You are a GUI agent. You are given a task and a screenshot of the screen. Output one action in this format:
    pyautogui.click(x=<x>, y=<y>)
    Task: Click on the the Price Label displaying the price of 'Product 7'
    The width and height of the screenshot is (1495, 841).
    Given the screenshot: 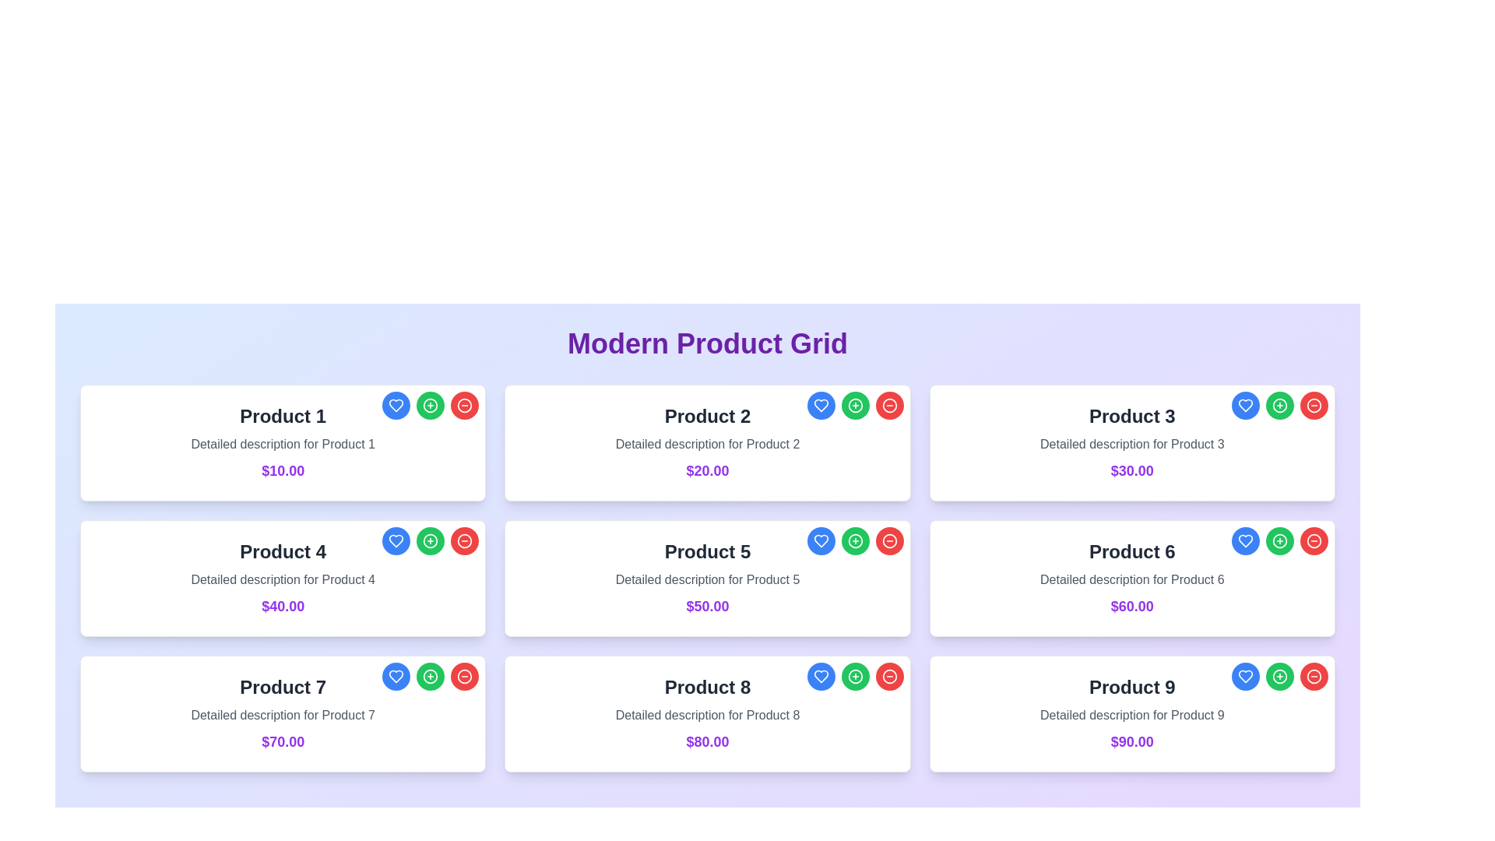 What is the action you would take?
    pyautogui.click(x=283, y=741)
    